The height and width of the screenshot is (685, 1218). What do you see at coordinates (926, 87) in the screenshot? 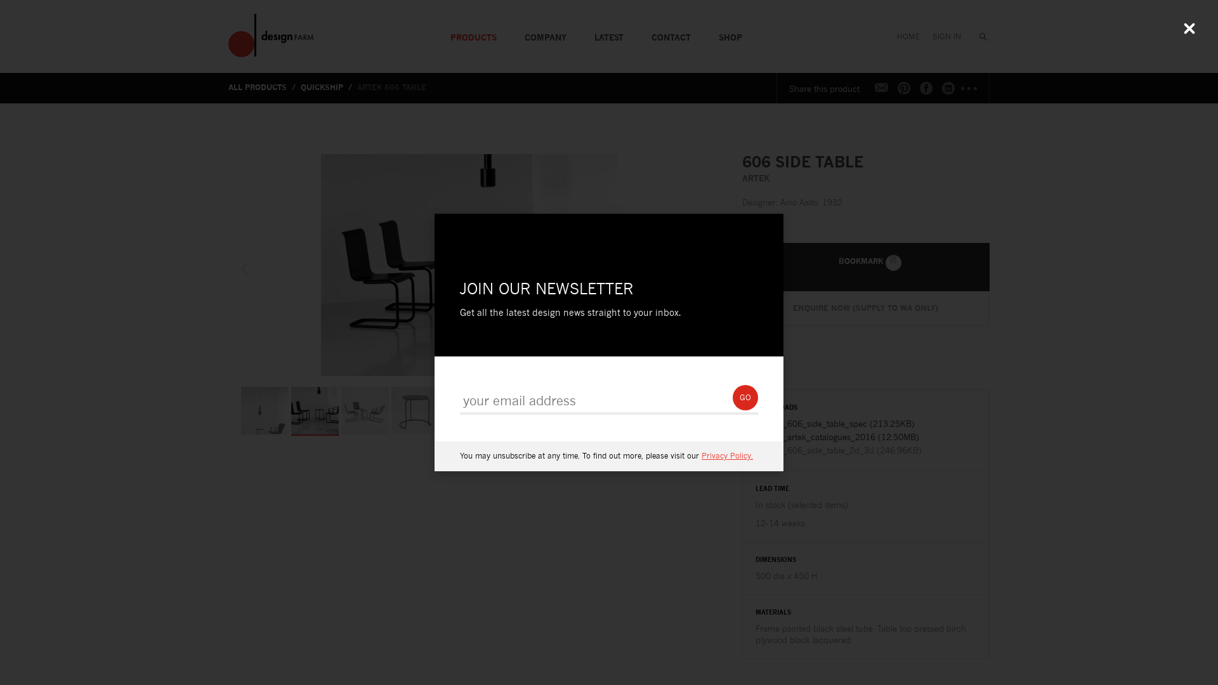
I see `'Share this on Facebook'` at bounding box center [926, 87].